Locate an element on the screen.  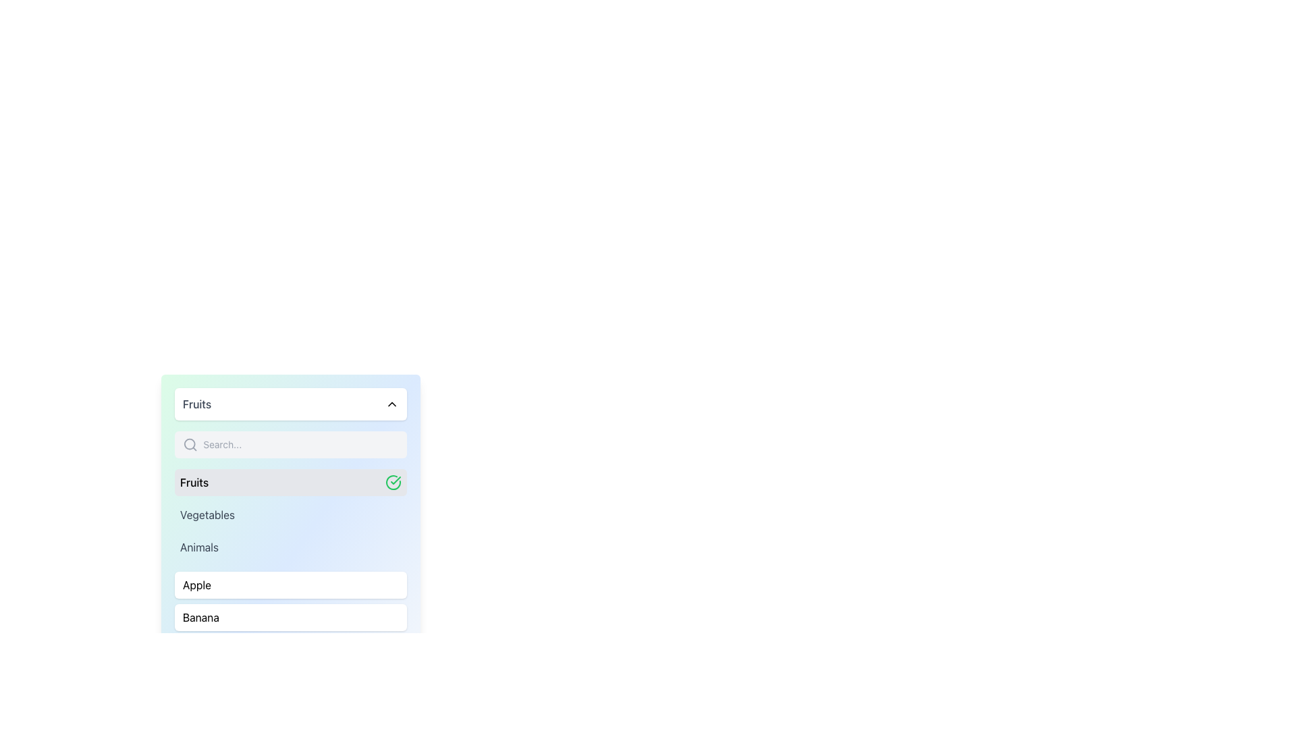
the second item in the list is located at coordinates (290, 515).